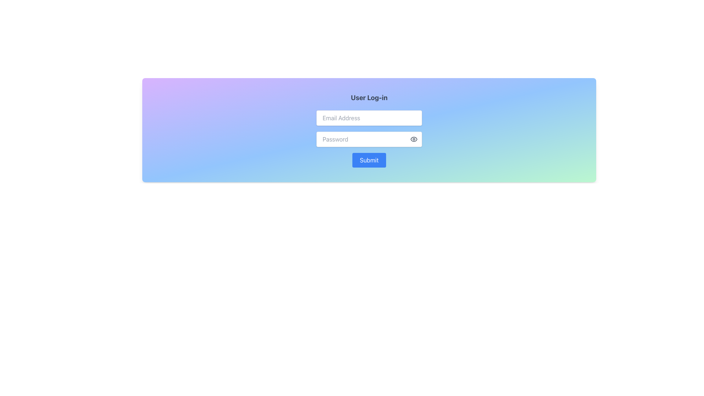 This screenshot has width=704, height=396. I want to click on the toggle button, so click(414, 139).